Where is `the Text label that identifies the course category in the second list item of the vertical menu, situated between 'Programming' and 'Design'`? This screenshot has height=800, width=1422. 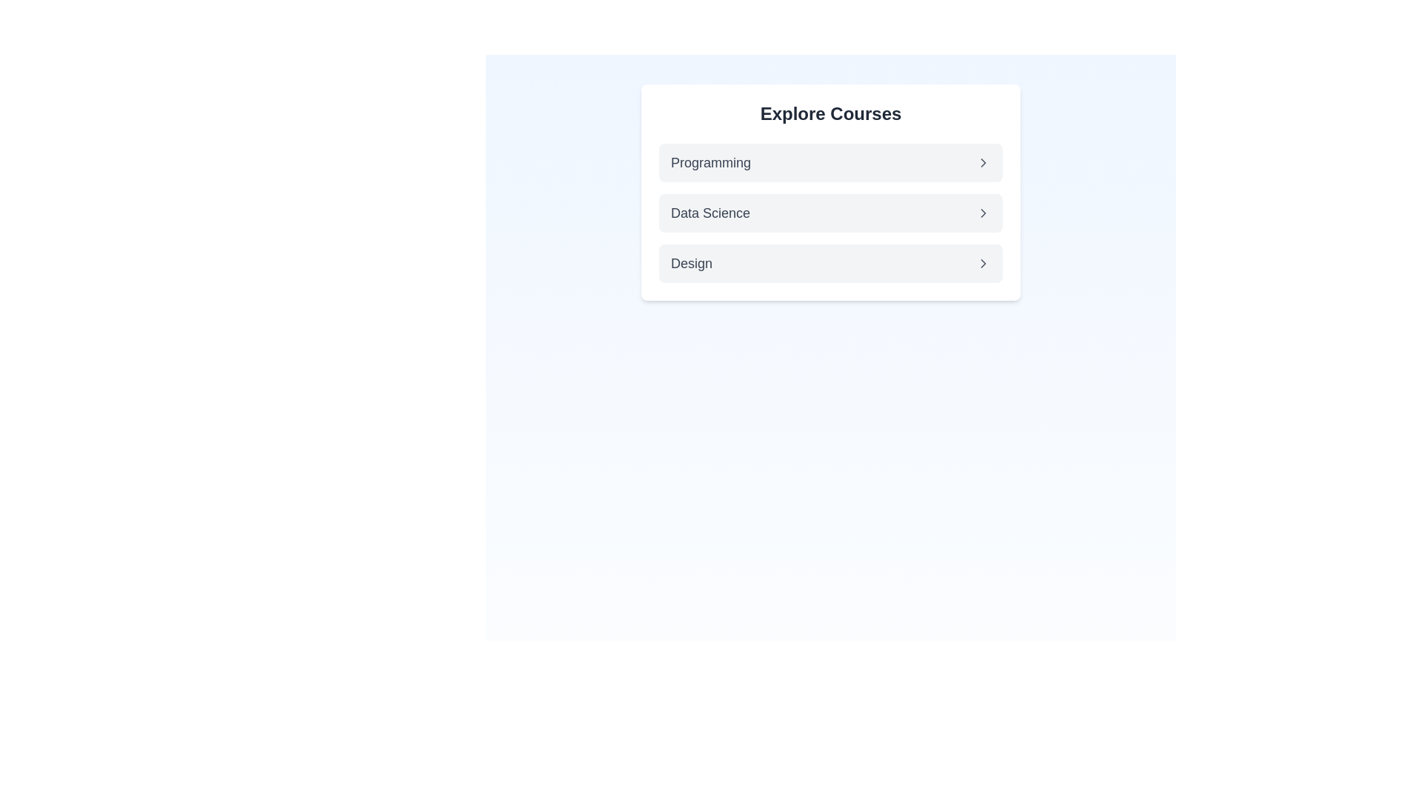
the Text label that identifies the course category in the second list item of the vertical menu, situated between 'Programming' and 'Design' is located at coordinates (710, 213).